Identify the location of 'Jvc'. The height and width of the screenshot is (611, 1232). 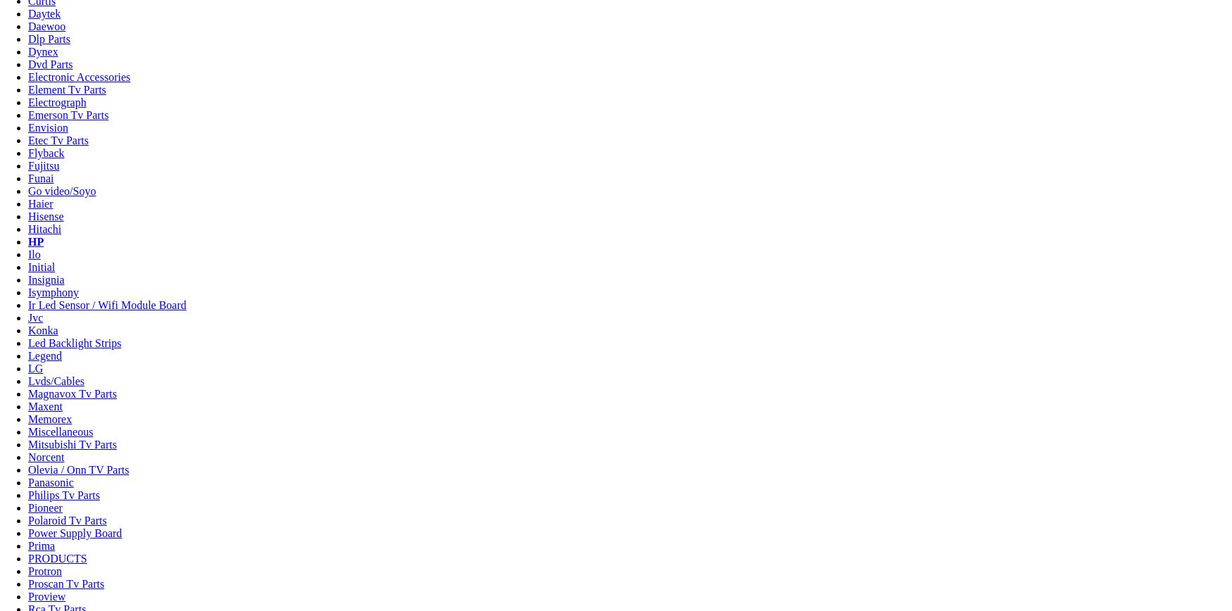
(34, 317).